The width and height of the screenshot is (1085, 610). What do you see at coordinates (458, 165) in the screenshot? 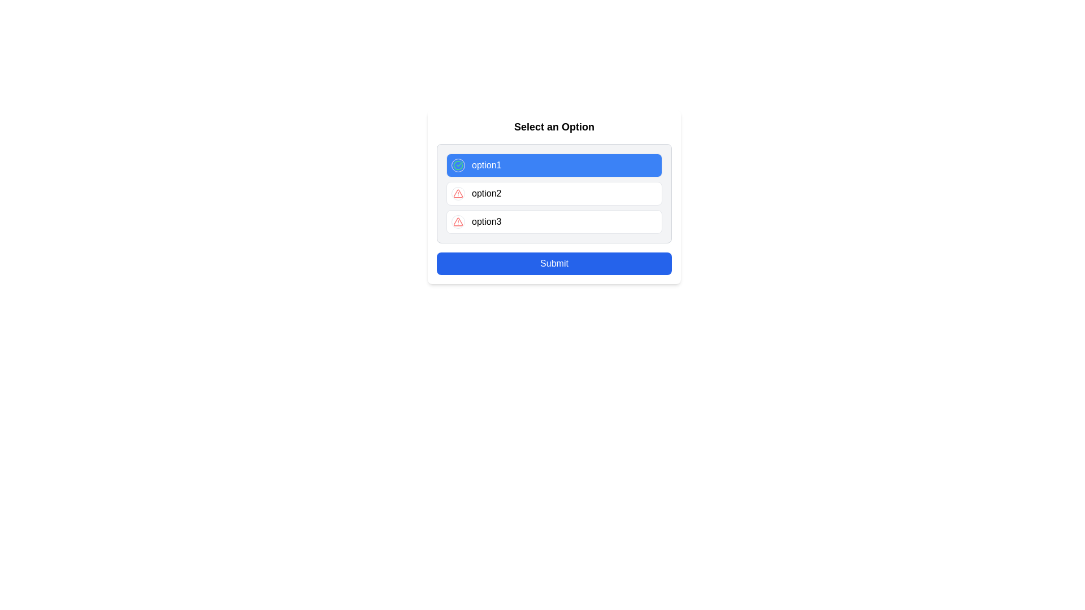
I see `the SVG checkmark icon inside a green circle located to the left of the 'option1' label in the list of options` at bounding box center [458, 165].